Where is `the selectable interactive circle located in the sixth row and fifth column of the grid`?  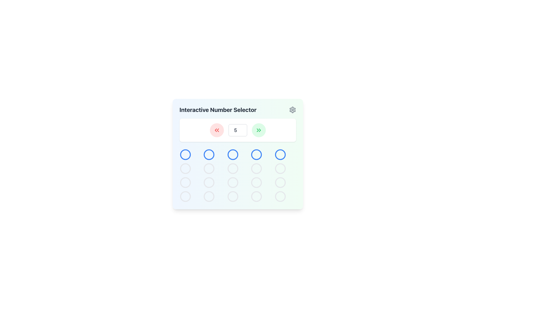 the selectable interactive circle located in the sixth row and fifth column of the grid is located at coordinates (280, 182).